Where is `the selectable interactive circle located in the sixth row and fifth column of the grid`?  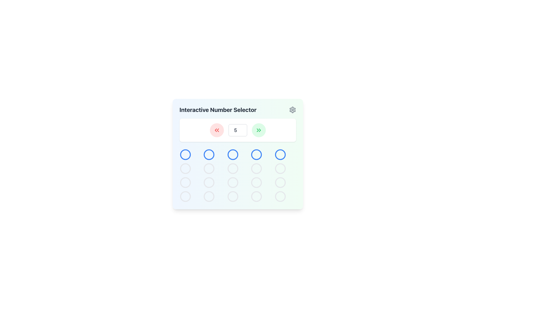 the selectable interactive circle located in the sixth row and fifth column of the grid is located at coordinates (280, 182).